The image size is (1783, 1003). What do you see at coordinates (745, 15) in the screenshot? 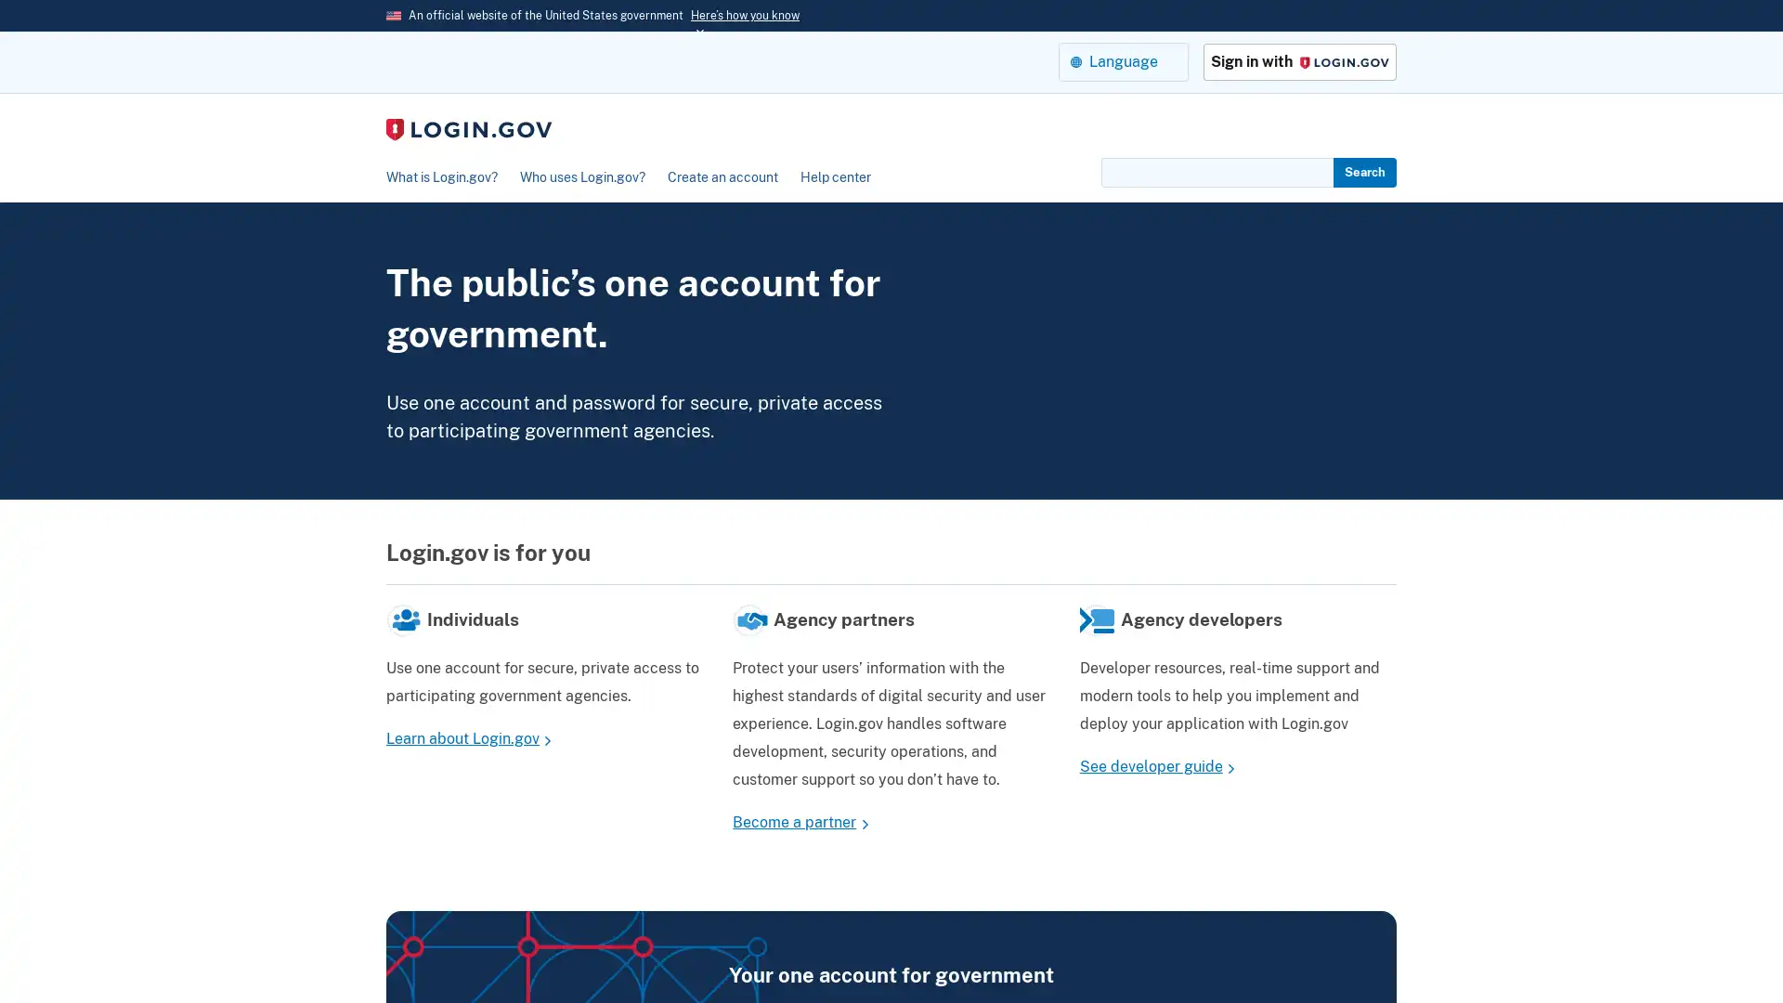
I see `Heres how you know` at bounding box center [745, 15].